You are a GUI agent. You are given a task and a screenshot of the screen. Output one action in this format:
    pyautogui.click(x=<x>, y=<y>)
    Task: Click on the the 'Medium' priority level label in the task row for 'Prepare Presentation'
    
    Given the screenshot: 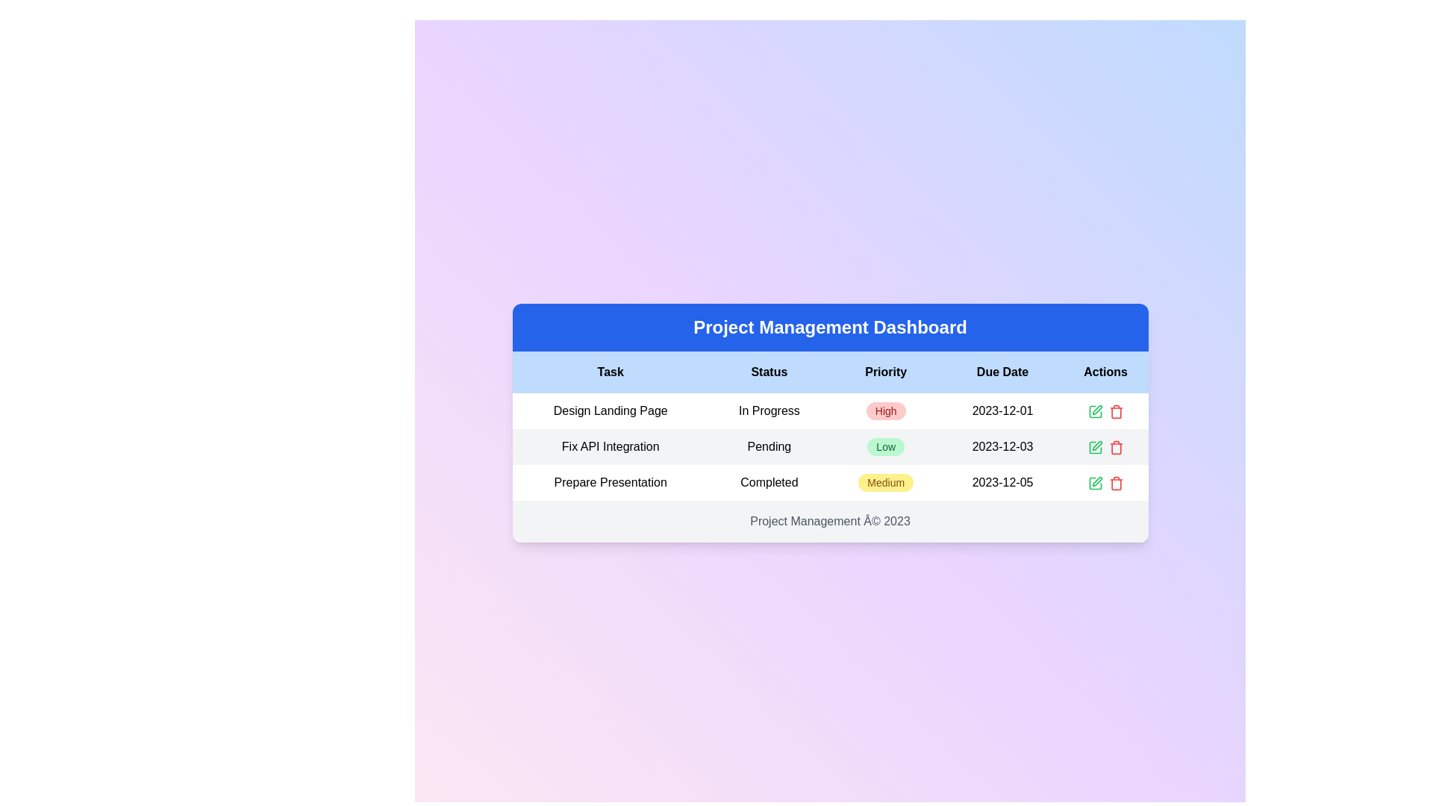 What is the action you would take?
    pyautogui.click(x=886, y=483)
    